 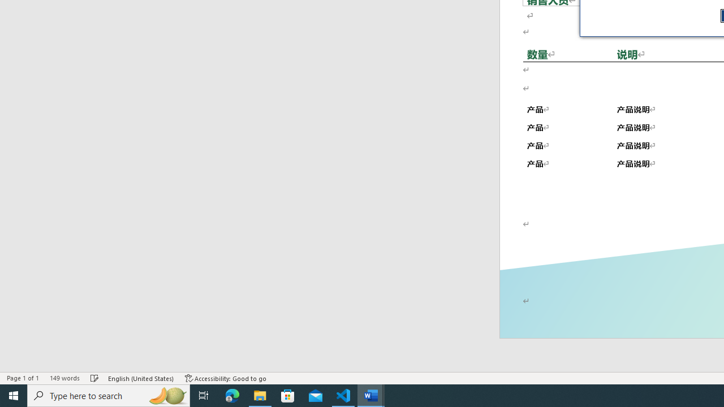 What do you see at coordinates (23, 378) in the screenshot?
I see `'Page Number Page 1 of 1'` at bounding box center [23, 378].